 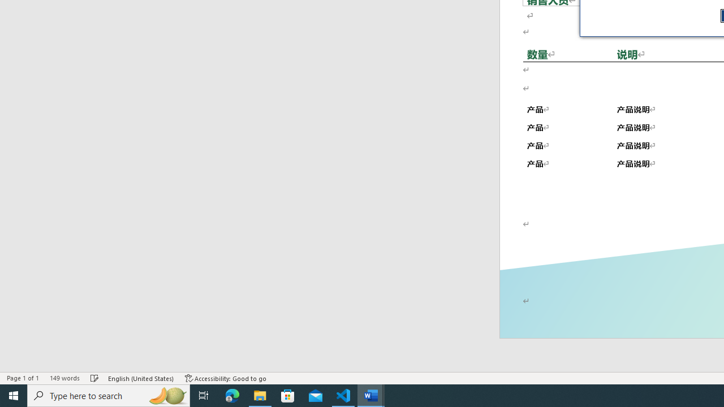 What do you see at coordinates (23, 378) in the screenshot?
I see `'Page Number Page 1 of 1'` at bounding box center [23, 378].